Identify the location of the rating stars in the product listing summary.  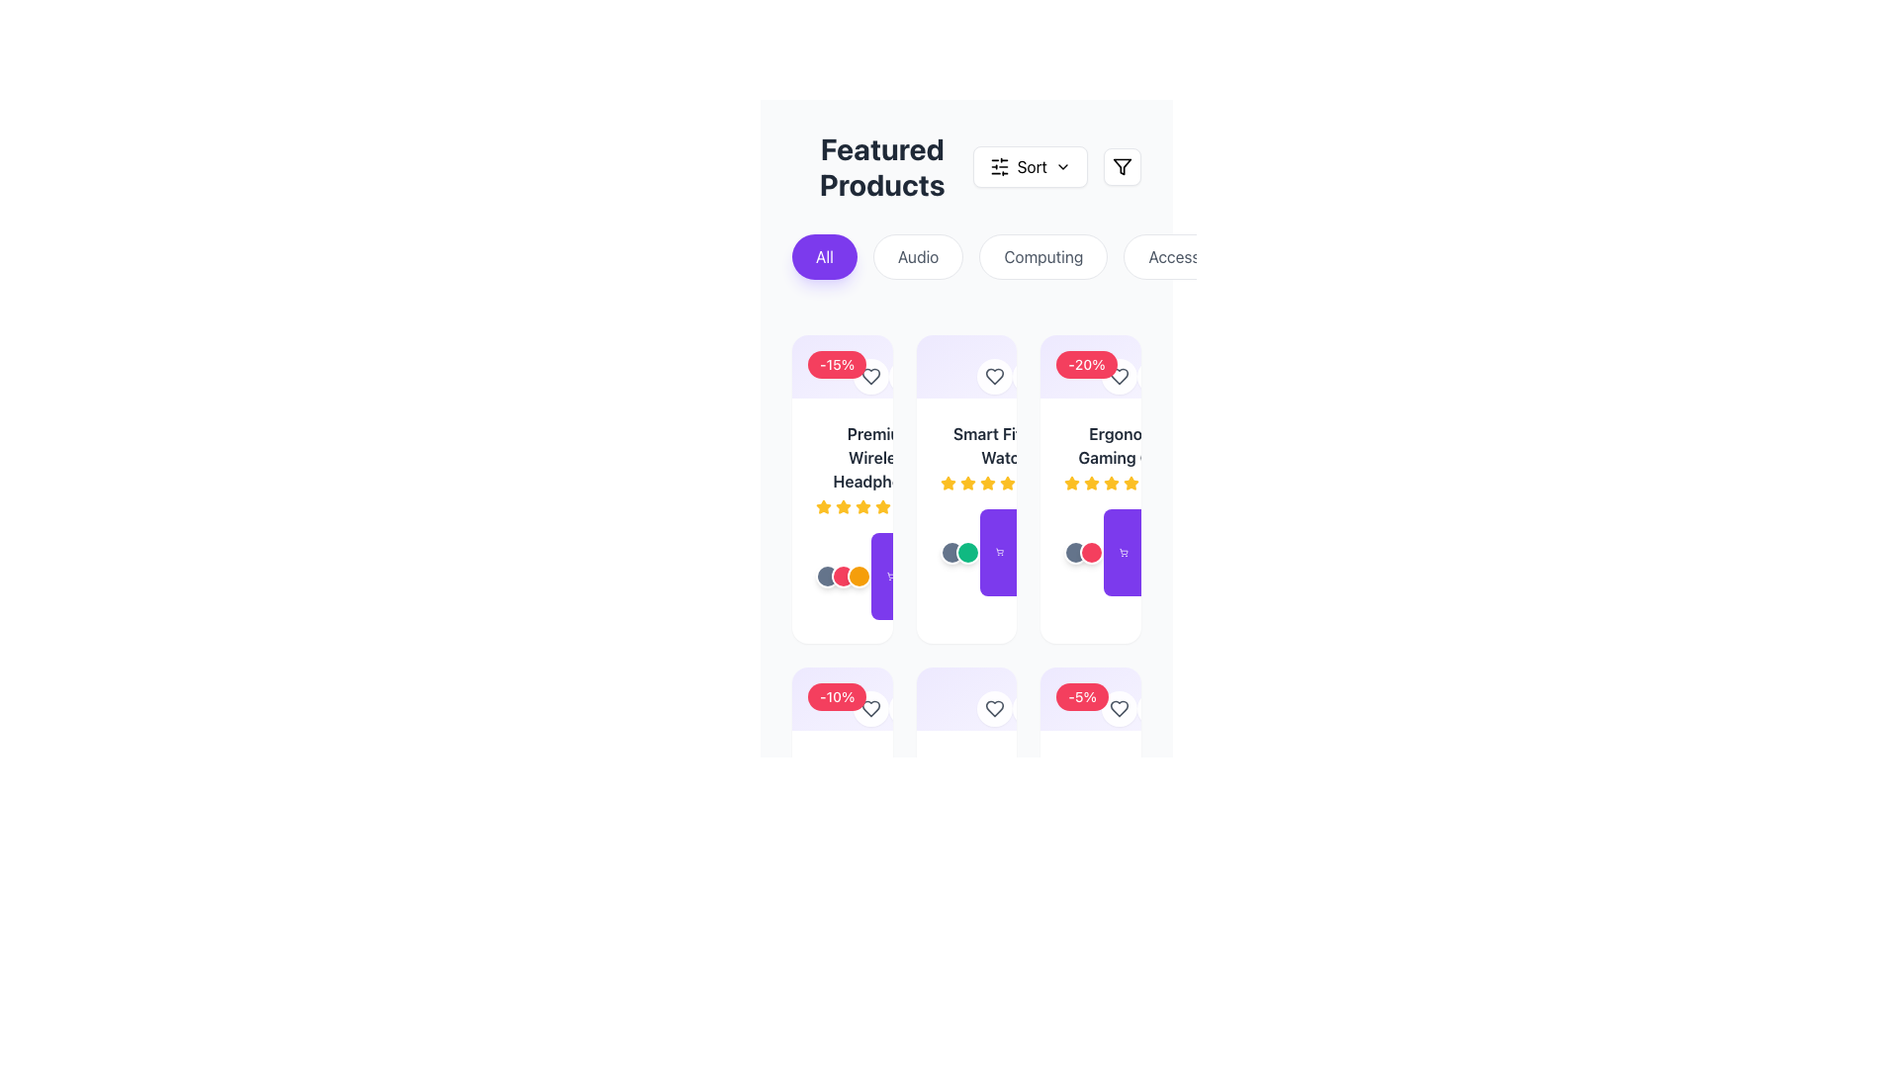
(966, 457).